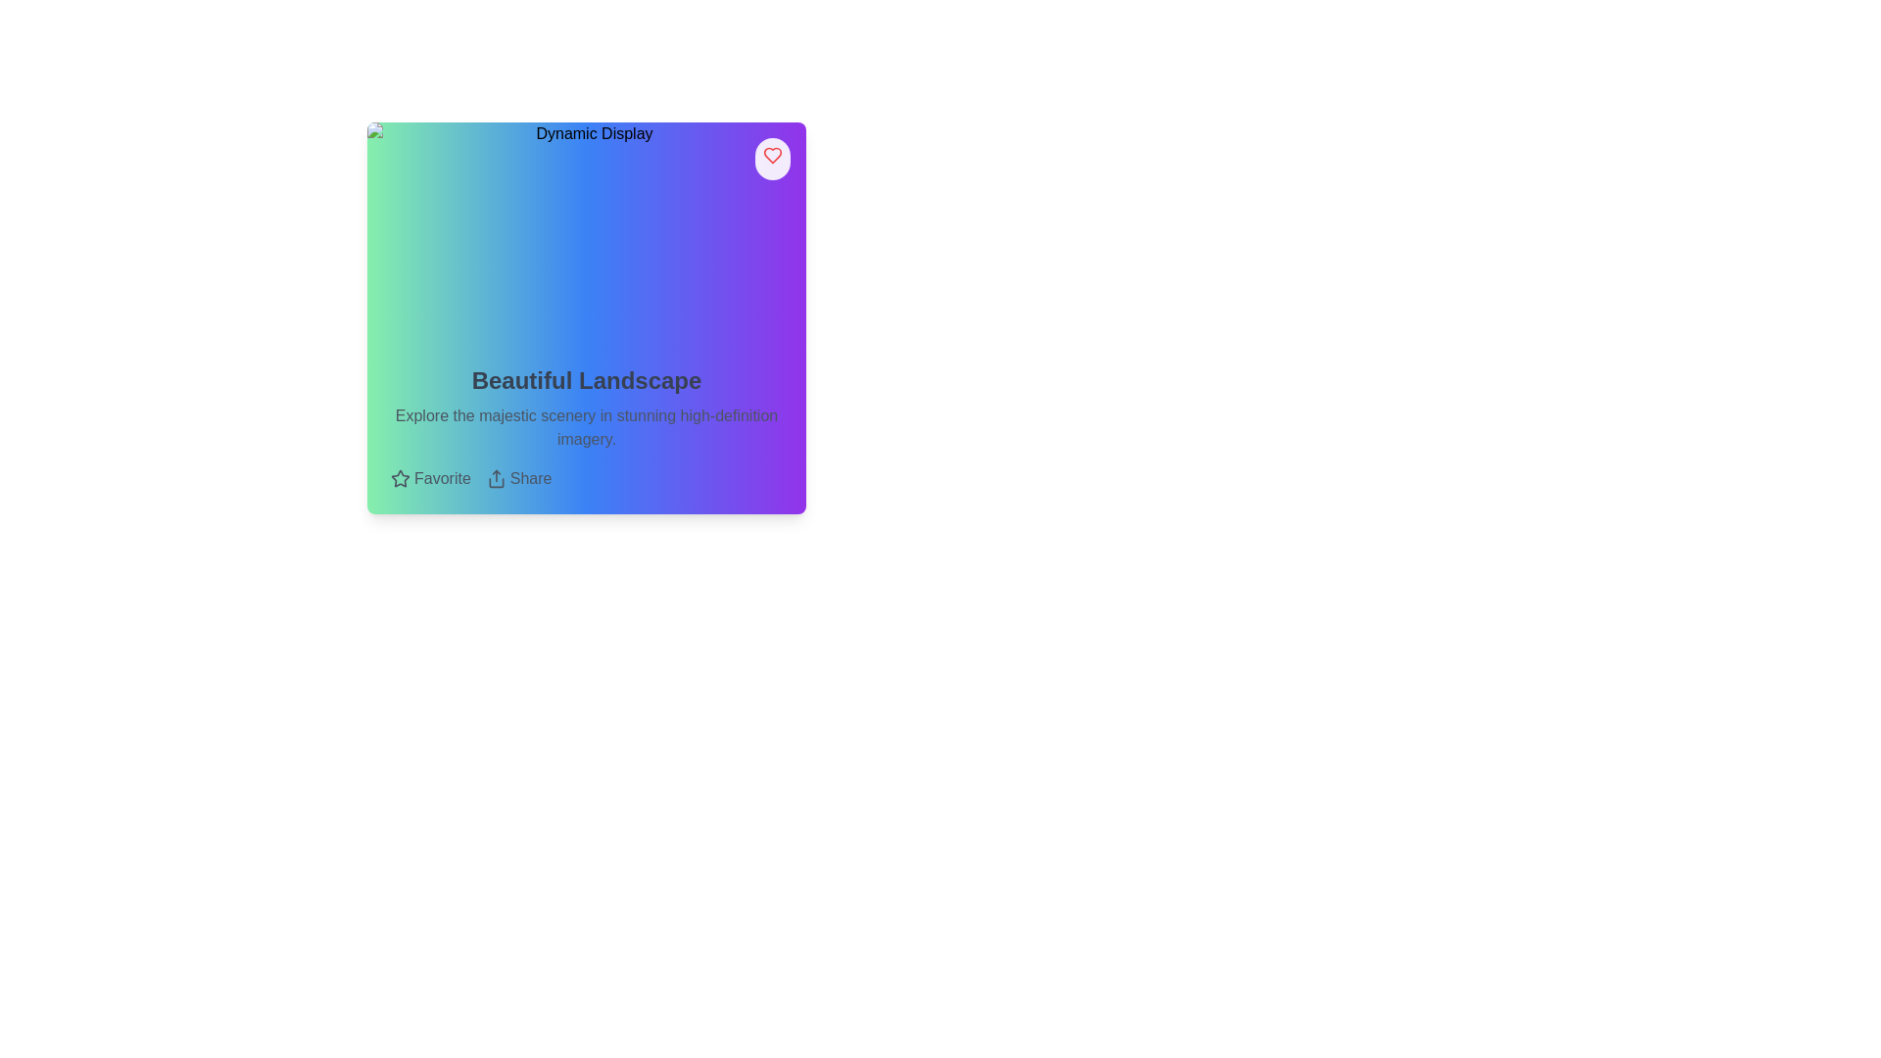 This screenshot has height=1058, width=1881. I want to click on the share icon button located to the left of the text 'Share' to initiate a share action, so click(496, 479).